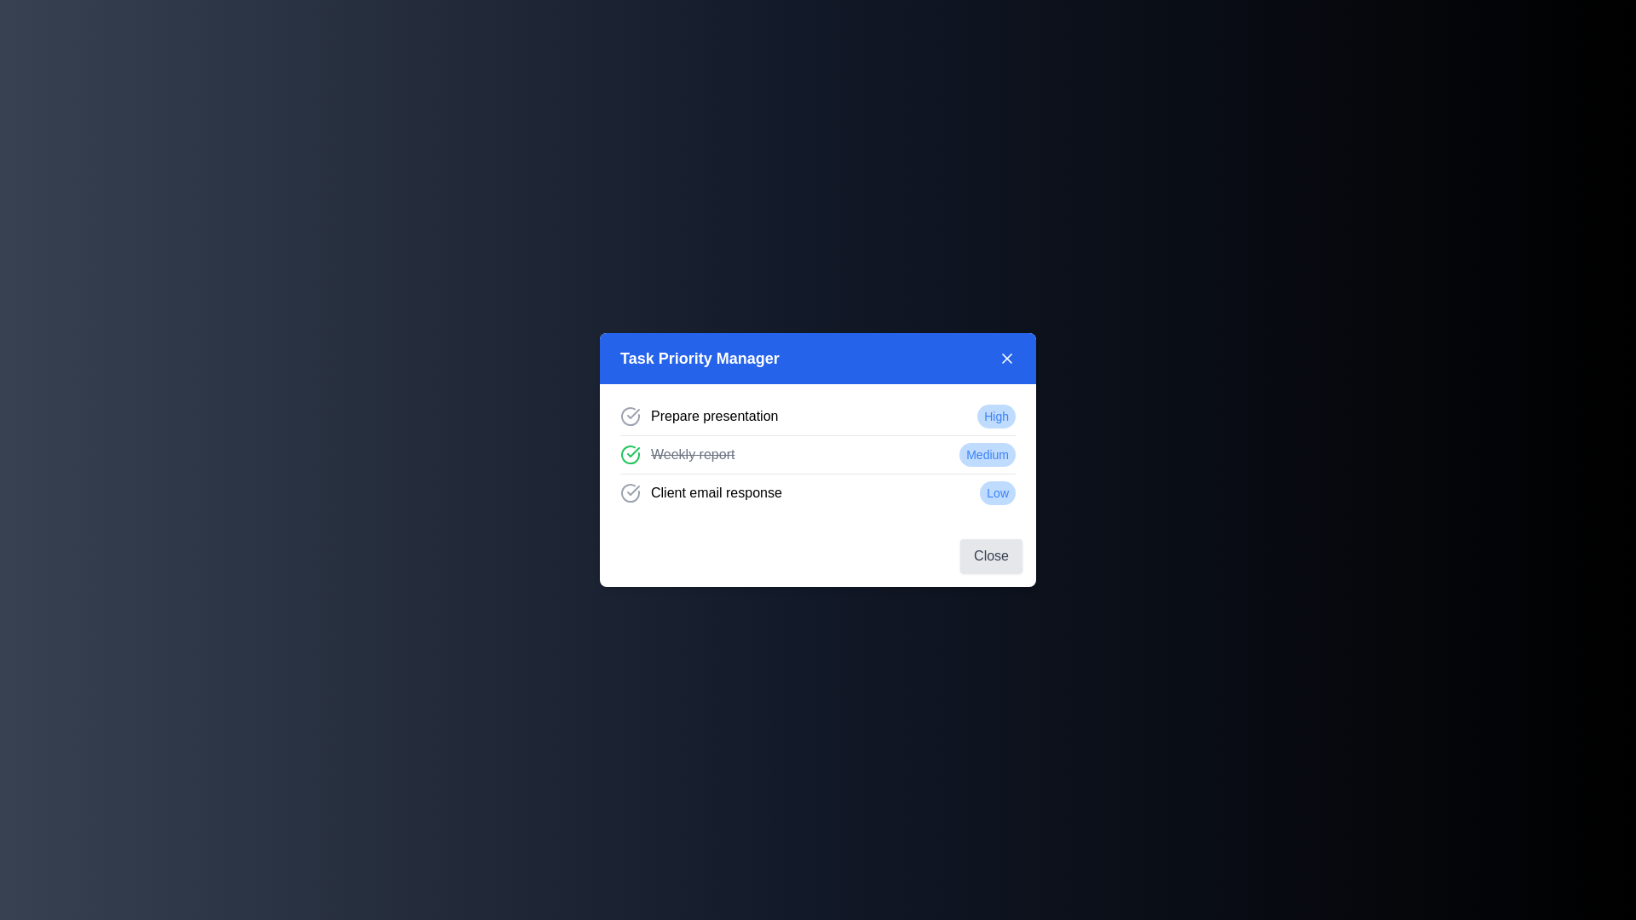 The image size is (1636, 920). I want to click on the text label displaying 'Weekly report' which is styled with a line-through effect, indicating a completed task, located within the second row of the task list under 'Task Priority Manager', so click(693, 453).